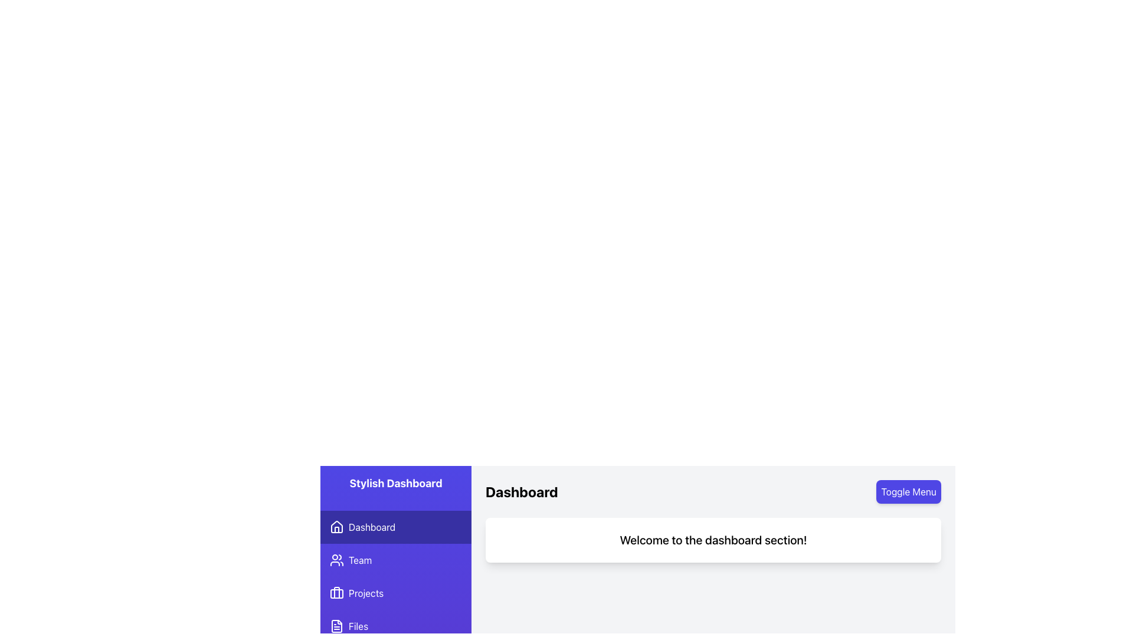 This screenshot has height=637, width=1133. Describe the element at coordinates (336, 593) in the screenshot. I see `the graphical detail of the briefcase icon located in the left-hand sidebar menu under the 'Projects' section` at that location.